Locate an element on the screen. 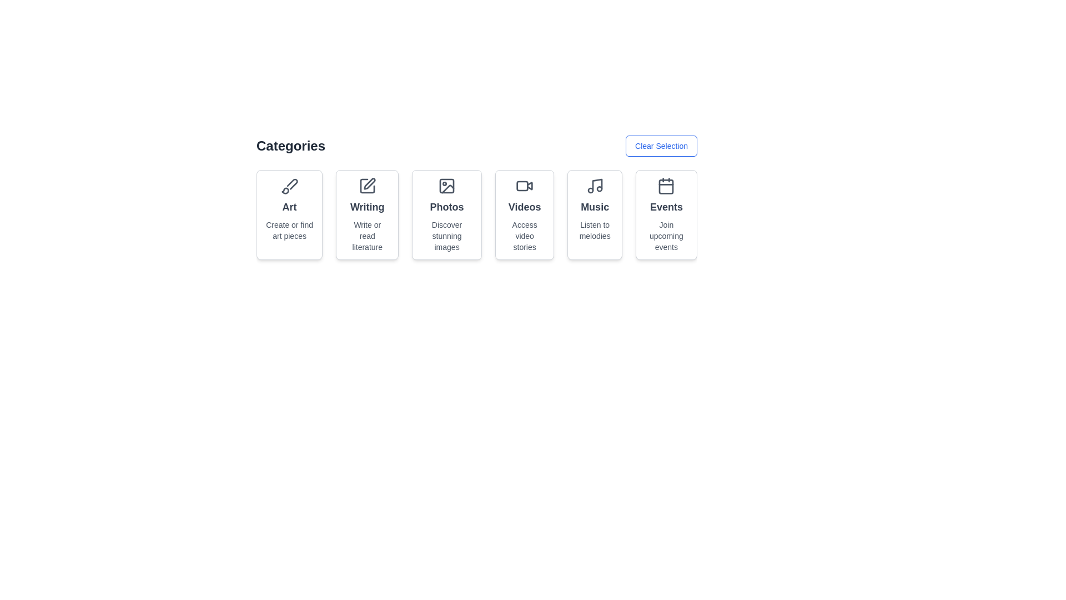  text displayed in the 'Writing' label, which is in bold and text-gray-700 style, located below the pen and paper icon and above the description 'Write or read literature' is located at coordinates (367, 207).